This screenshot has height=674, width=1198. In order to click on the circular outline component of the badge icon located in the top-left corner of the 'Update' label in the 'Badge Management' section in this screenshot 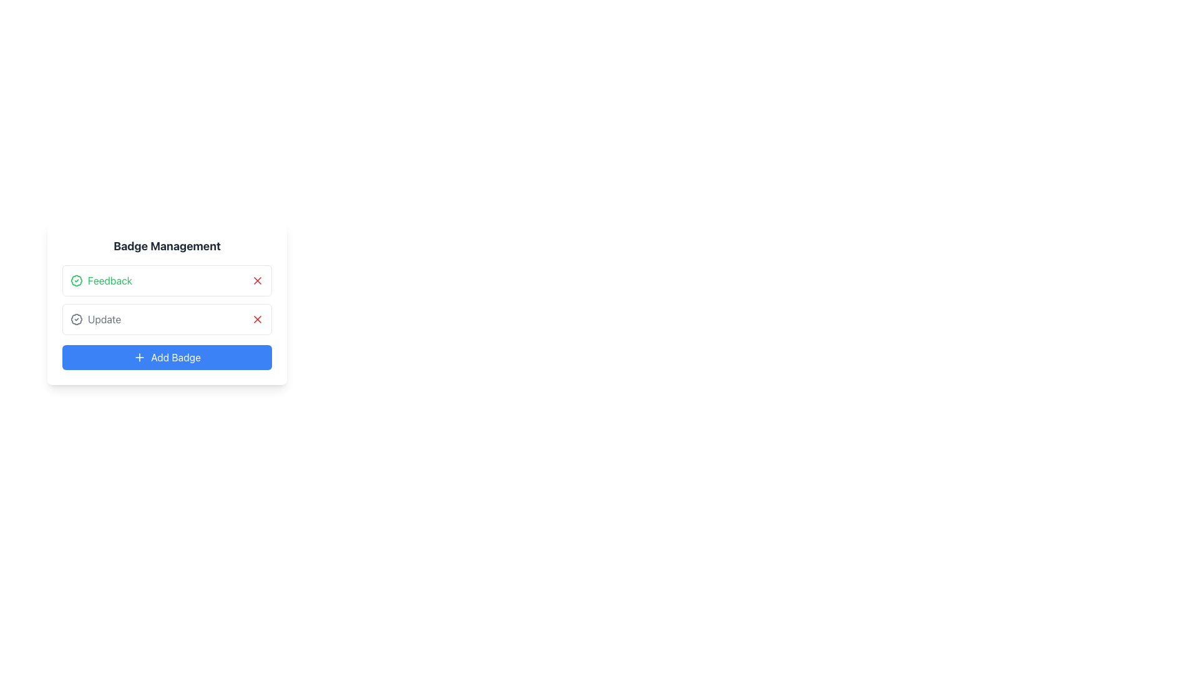, I will do `click(76, 319)`.